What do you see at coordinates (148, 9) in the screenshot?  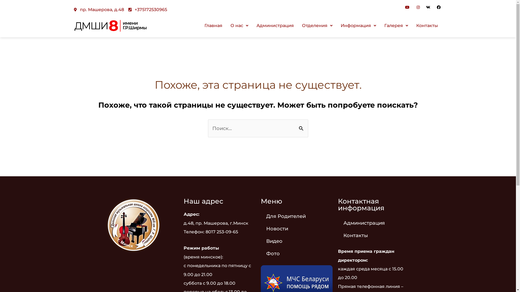 I see `'+375172530965'` at bounding box center [148, 9].